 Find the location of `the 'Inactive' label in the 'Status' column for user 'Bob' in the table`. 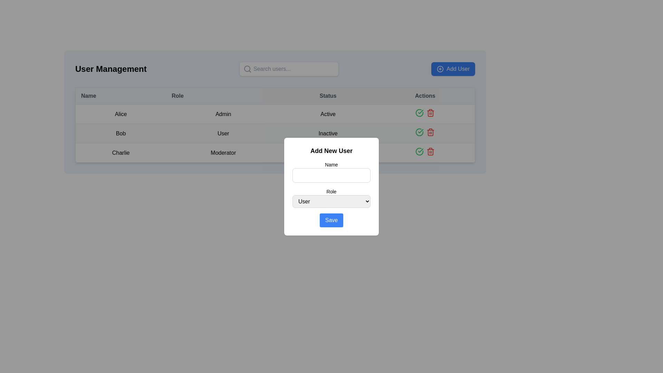

the 'Inactive' label in the 'Status' column for user 'Bob' in the table is located at coordinates (328, 133).